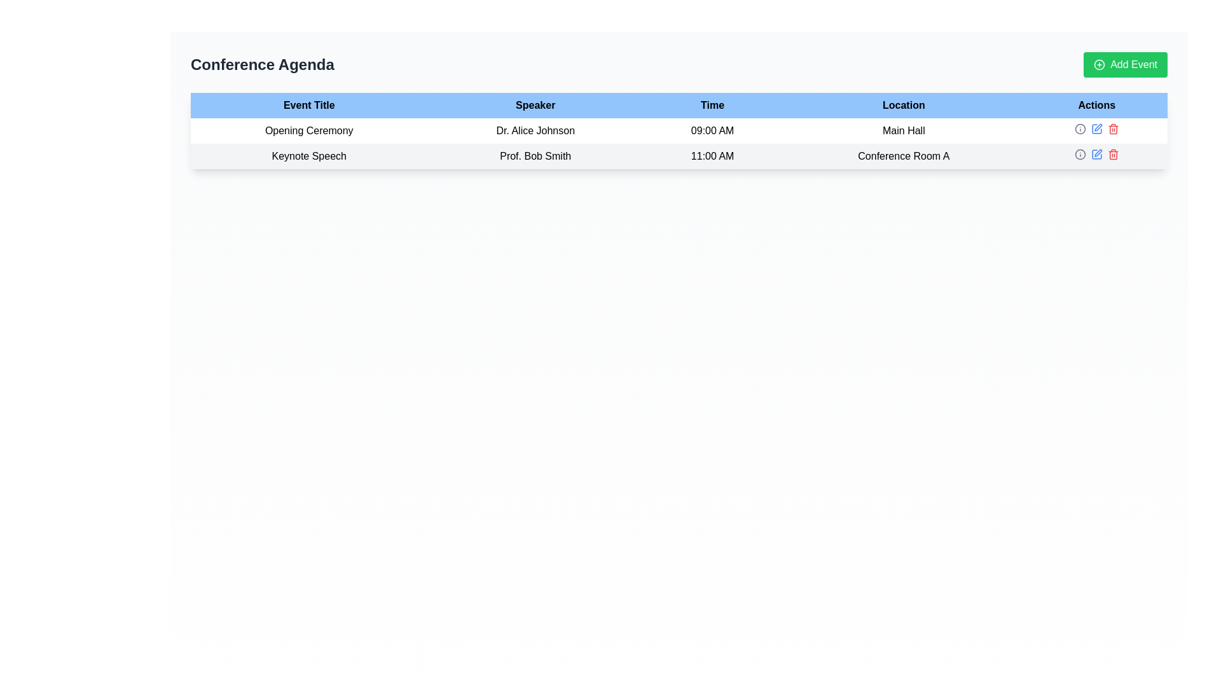  What do you see at coordinates (679, 143) in the screenshot?
I see `the first row of the tabular data layout, which contains event information` at bounding box center [679, 143].